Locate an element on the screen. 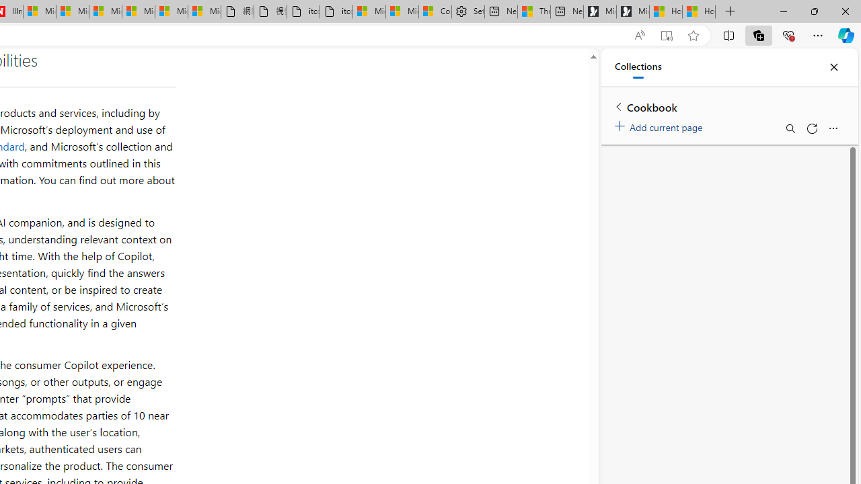  'Back to list of collections' is located at coordinates (618, 106).